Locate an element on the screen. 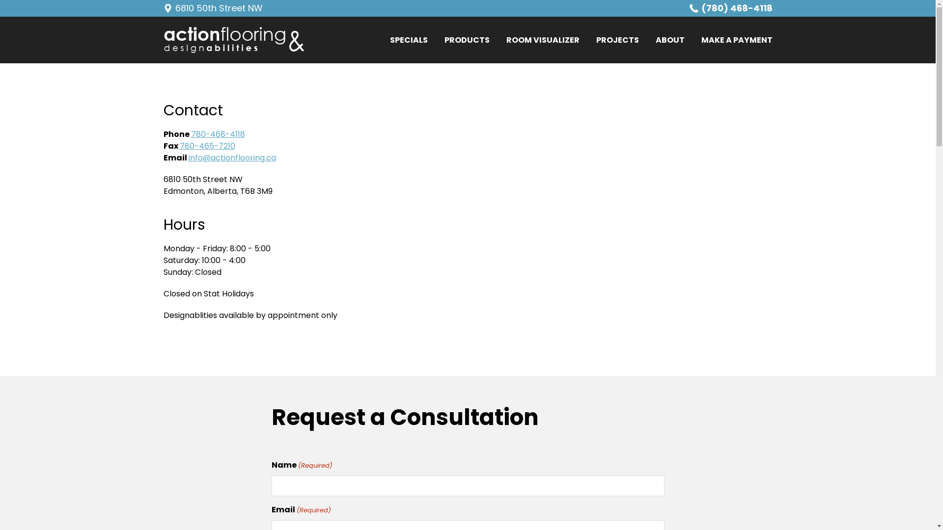 The height and width of the screenshot is (530, 943). 'ABOUT' is located at coordinates (669, 39).